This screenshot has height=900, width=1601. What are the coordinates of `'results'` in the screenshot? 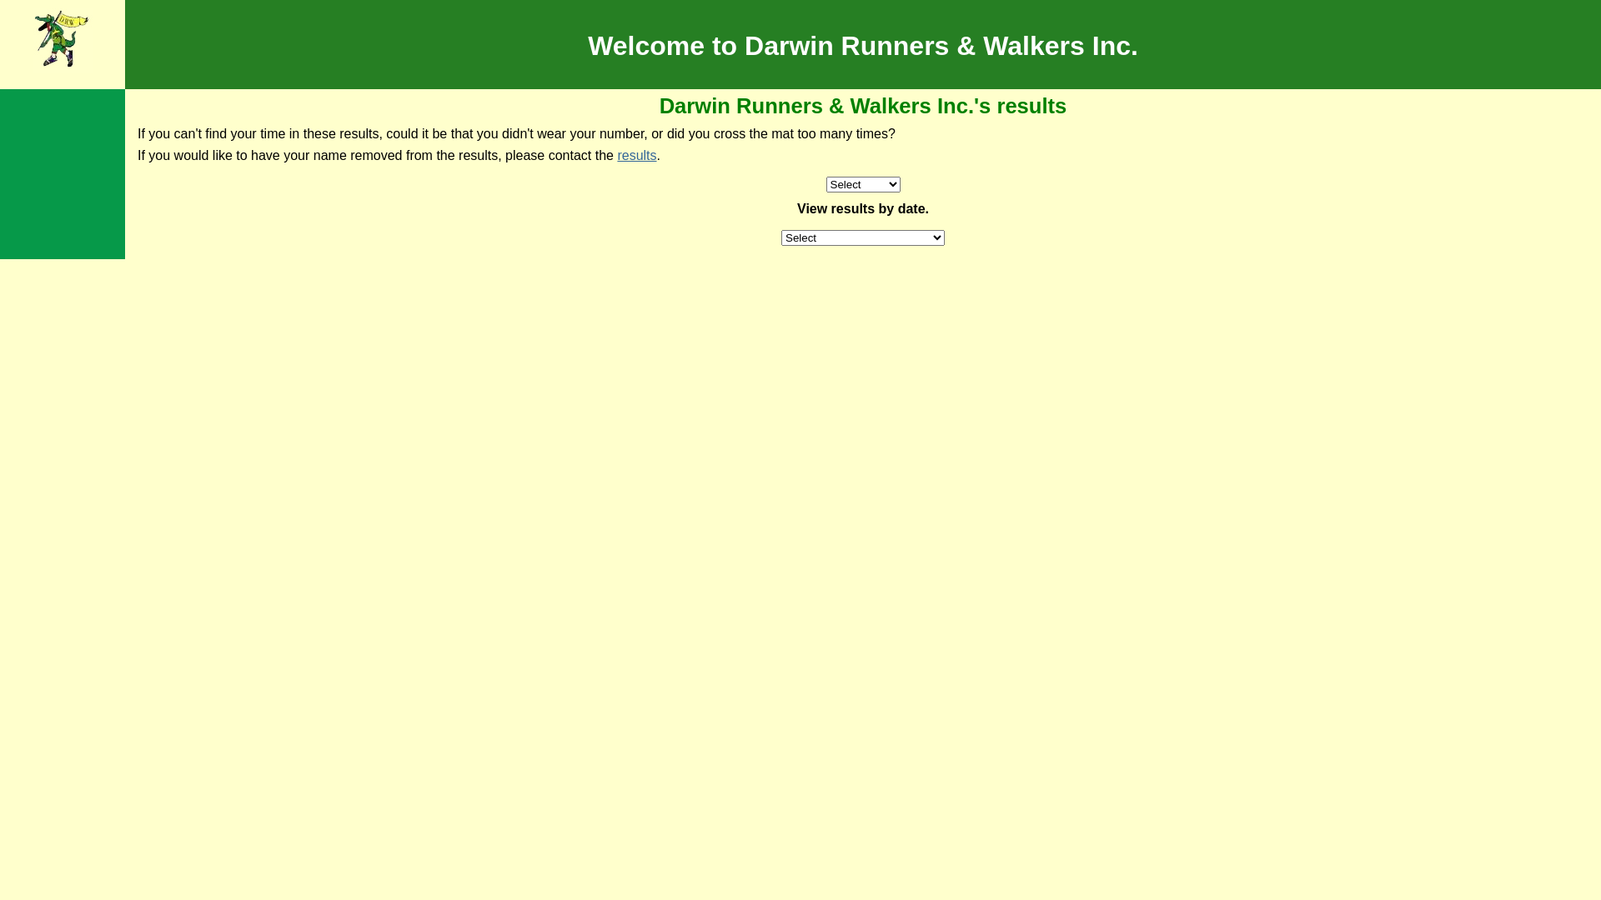 It's located at (615, 155).